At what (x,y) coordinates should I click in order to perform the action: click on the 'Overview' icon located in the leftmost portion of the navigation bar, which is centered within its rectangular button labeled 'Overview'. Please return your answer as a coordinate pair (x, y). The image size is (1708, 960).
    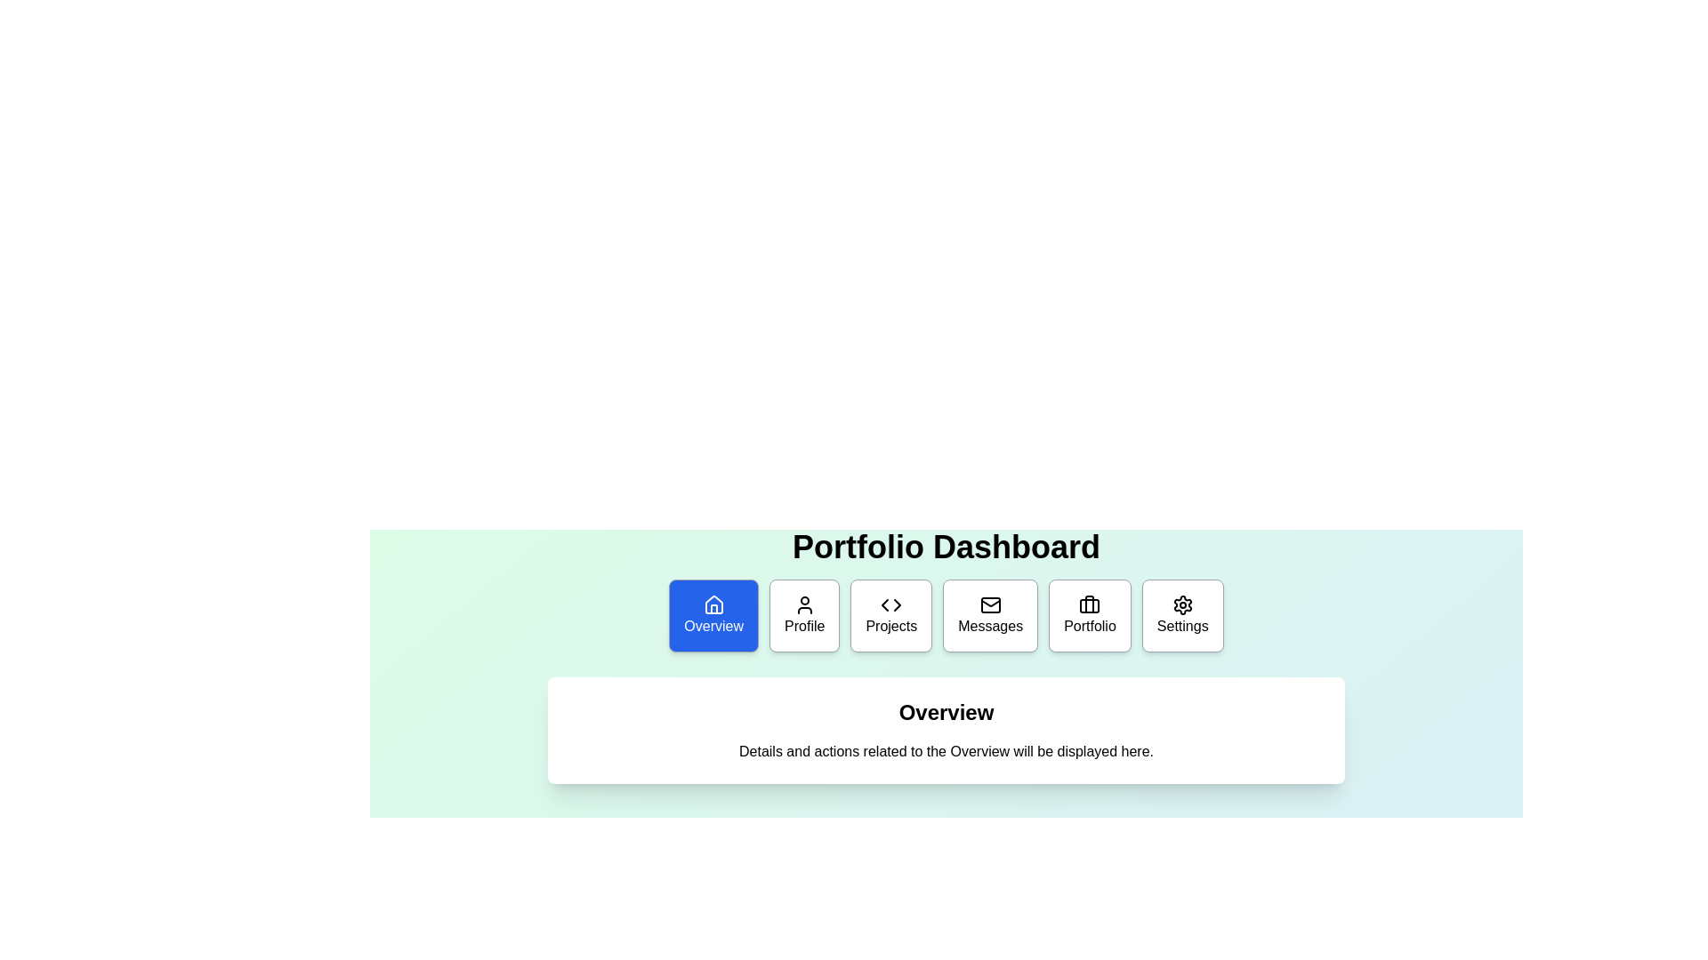
    Looking at the image, I should click on (713, 604).